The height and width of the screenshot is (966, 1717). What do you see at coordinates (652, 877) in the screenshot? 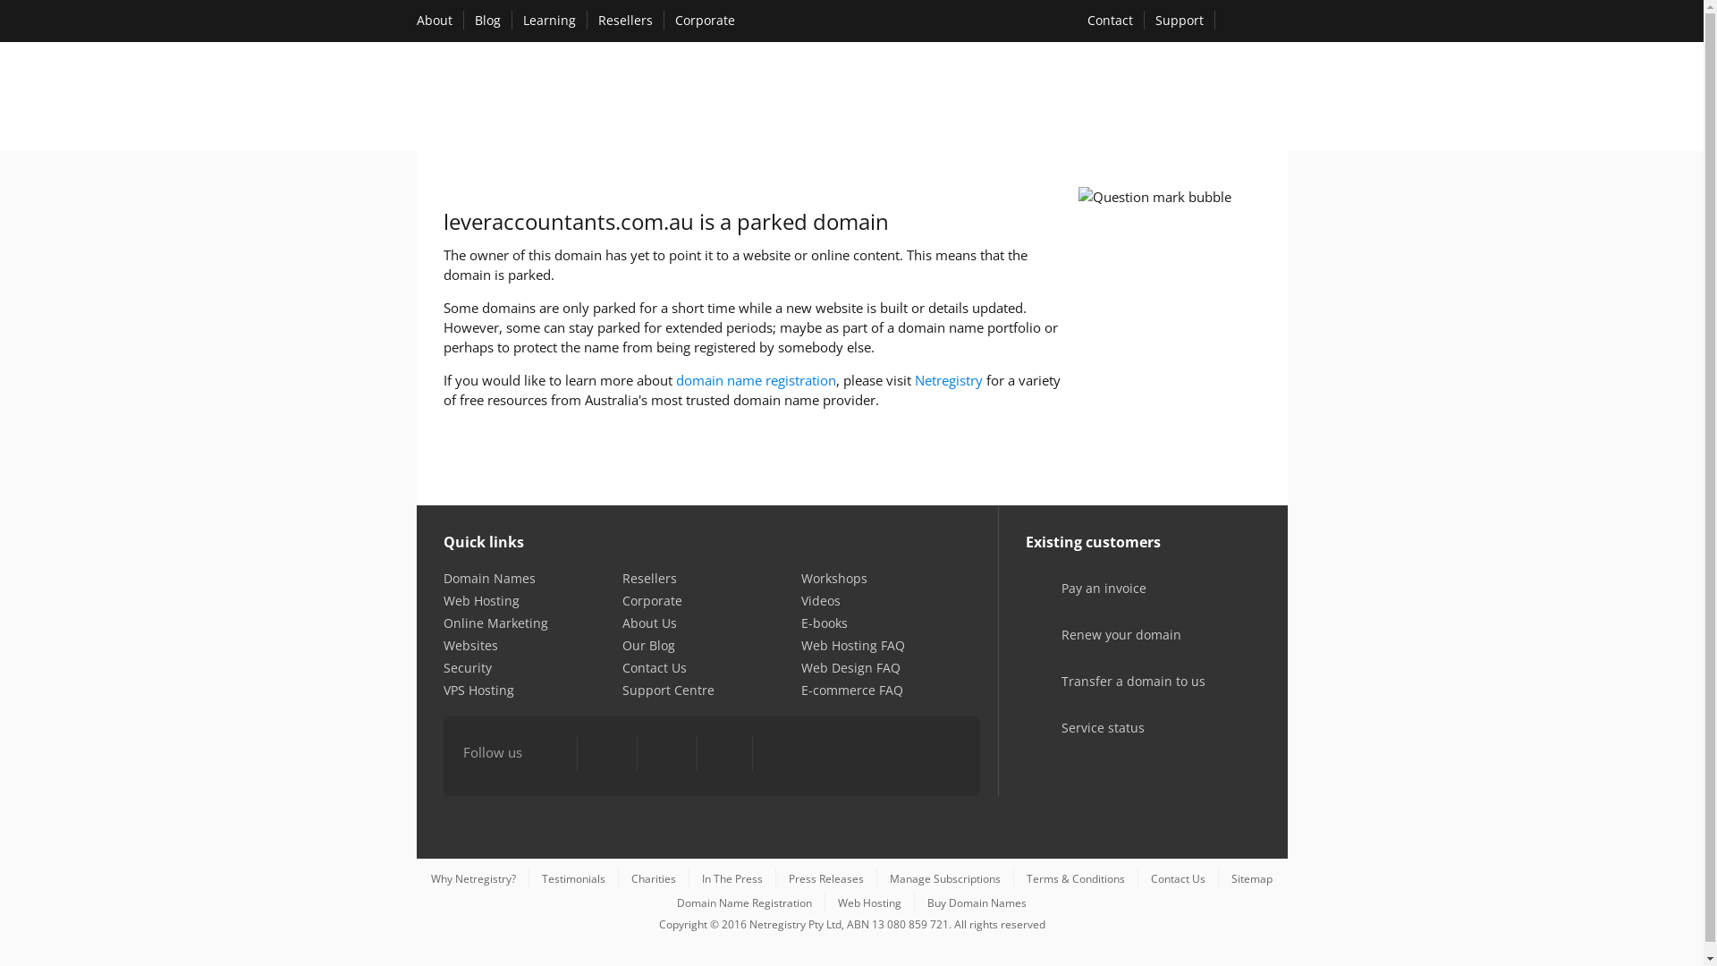
I see `'Charities'` at bounding box center [652, 877].